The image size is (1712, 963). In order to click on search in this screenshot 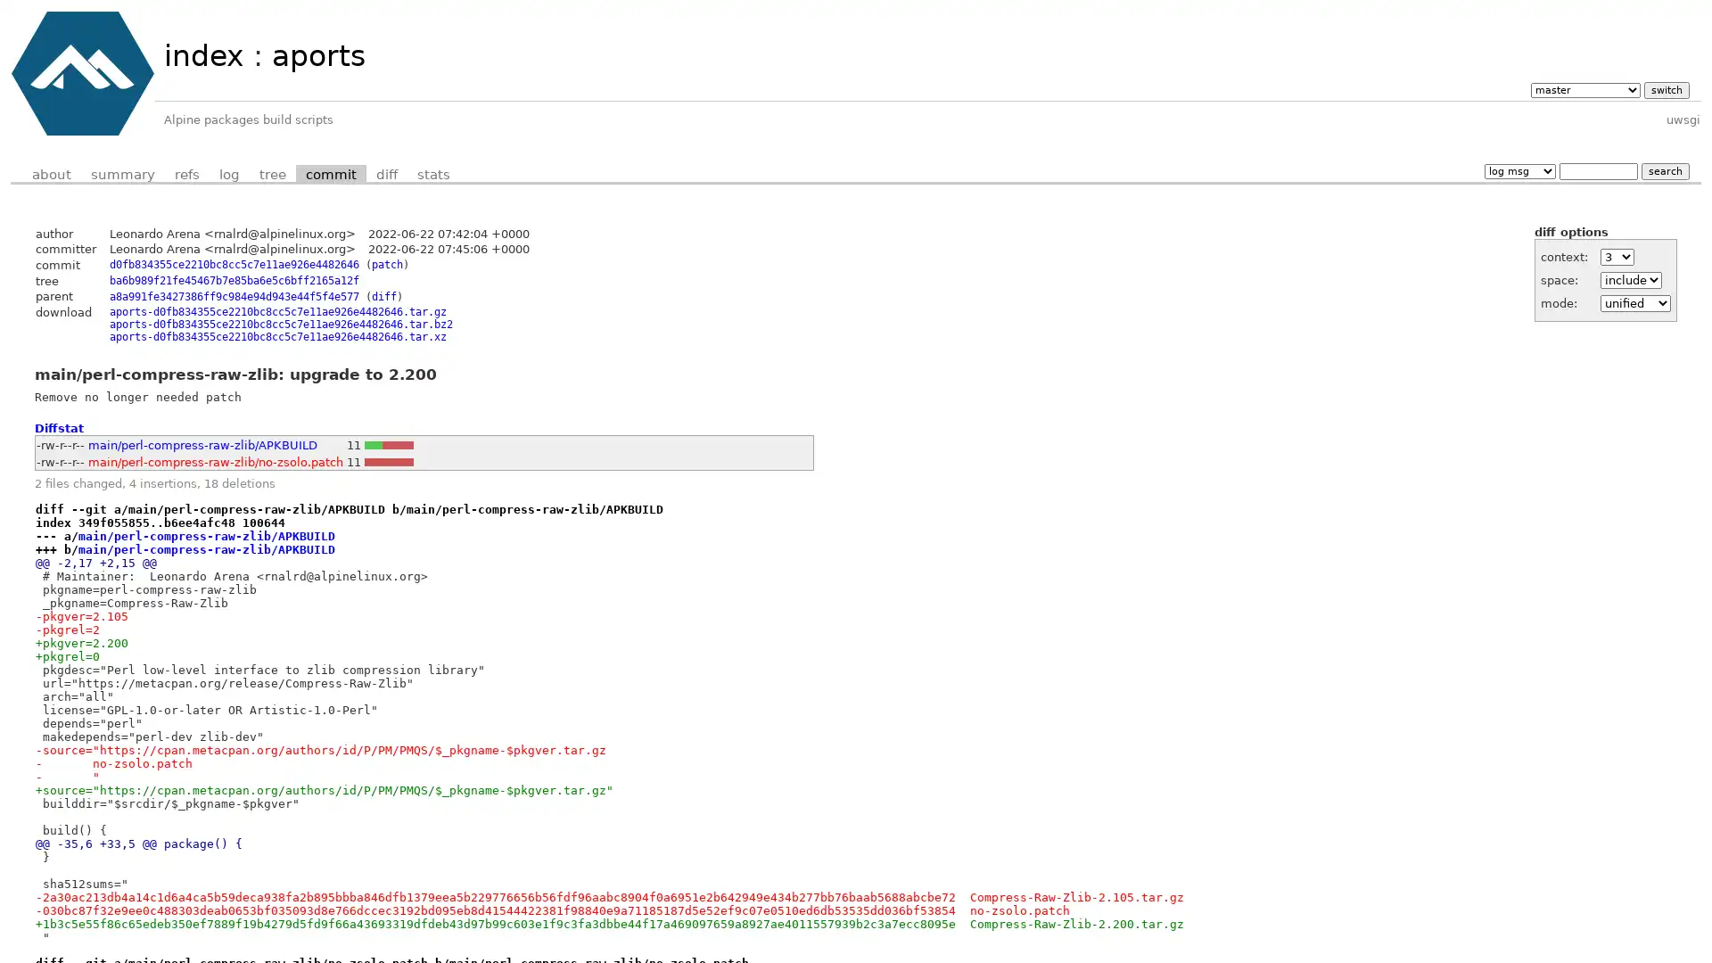, I will do `click(1664, 170)`.